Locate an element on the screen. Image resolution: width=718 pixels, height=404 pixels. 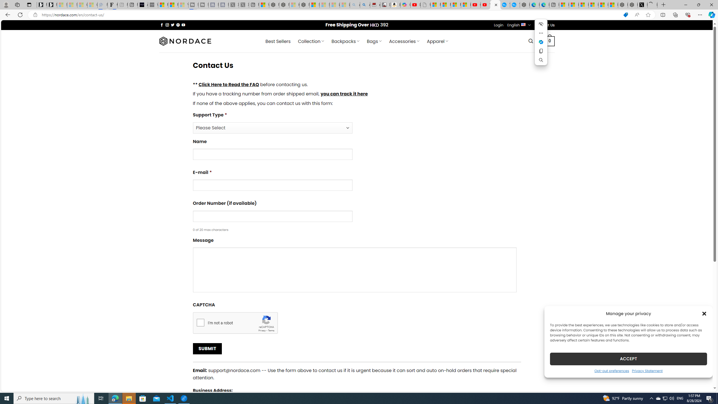
'  Best Sellers' is located at coordinates (278, 41).